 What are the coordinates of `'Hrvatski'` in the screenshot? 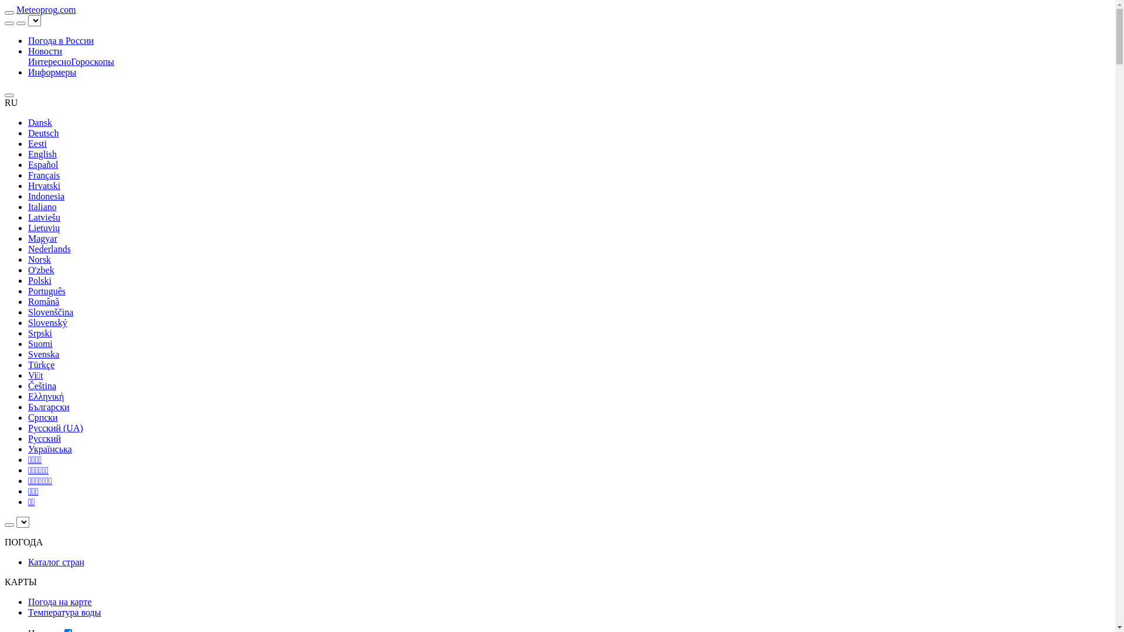 It's located at (44, 185).